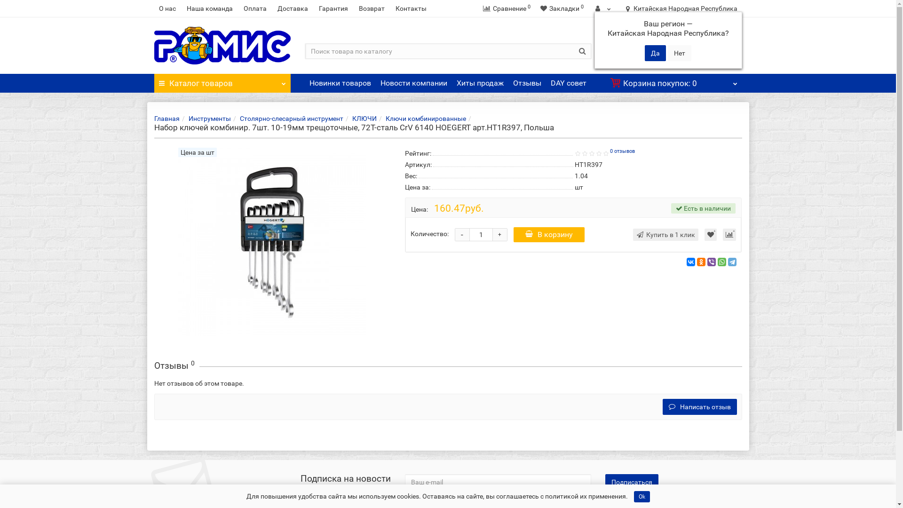 The height and width of the screenshot is (508, 903). What do you see at coordinates (499, 234) in the screenshot?
I see `'+'` at bounding box center [499, 234].